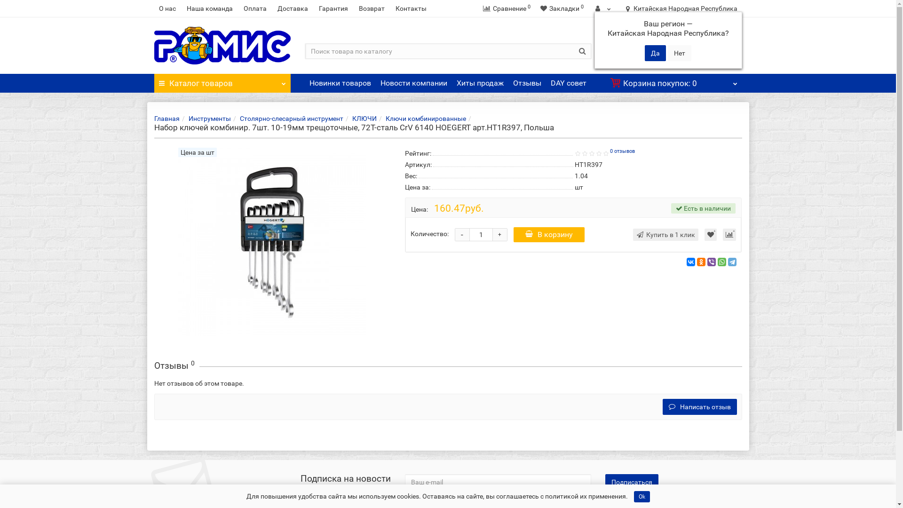 The height and width of the screenshot is (508, 903). What do you see at coordinates (499, 234) in the screenshot?
I see `'+'` at bounding box center [499, 234].